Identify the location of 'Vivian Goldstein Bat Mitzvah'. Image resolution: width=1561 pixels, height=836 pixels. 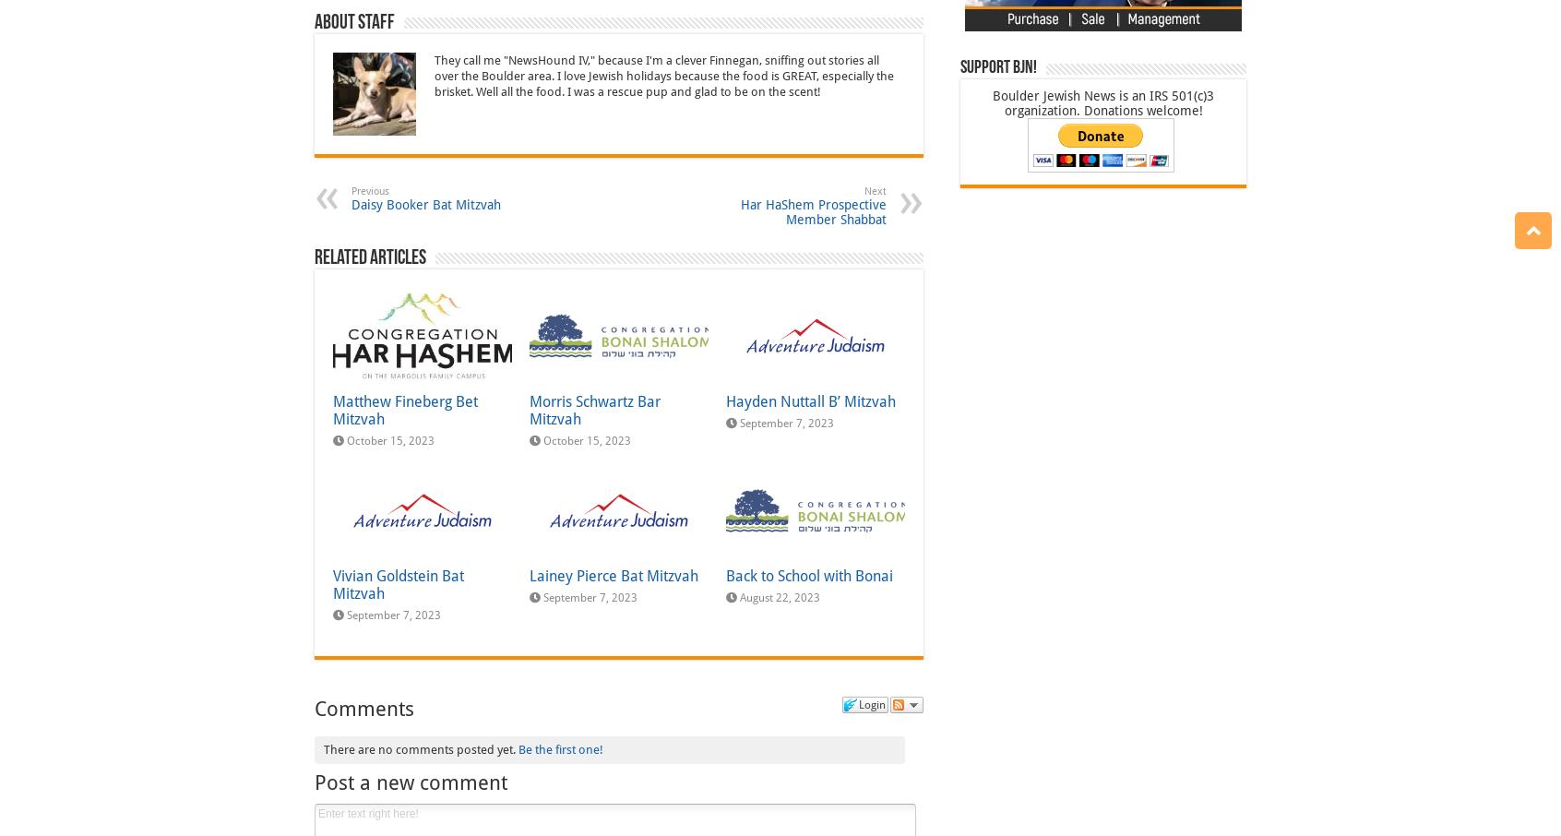
(397, 584).